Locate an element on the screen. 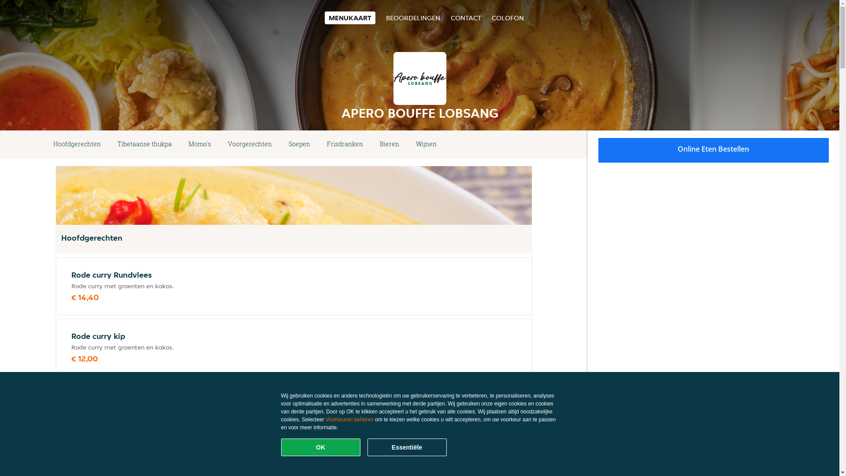  'Momo's' is located at coordinates (179, 144).